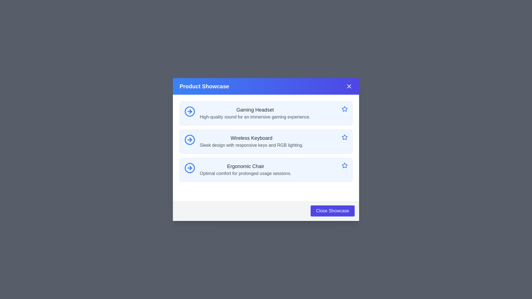  Describe the element at coordinates (266, 169) in the screenshot. I see `the display card for 'Ergonomic Chair' which is the third card in a vertical list, positioned below the 'Wireless Keyboard' card` at that location.